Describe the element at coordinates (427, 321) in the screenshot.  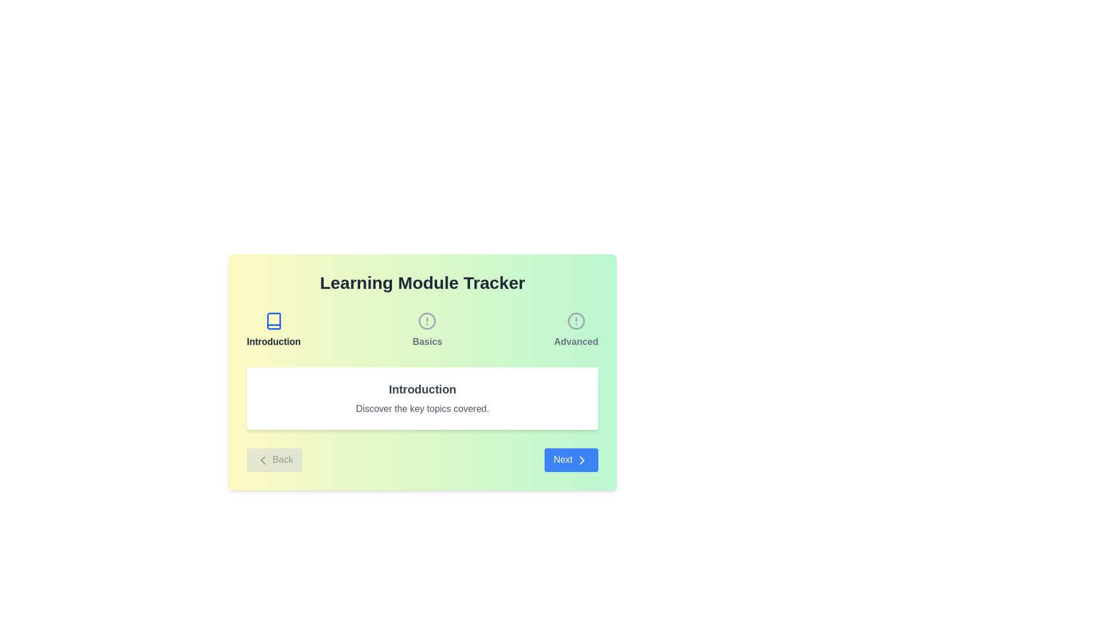
I see `the 'Basics' icon, which is centrally positioned below the 'Basics' label, to interact with it` at that location.